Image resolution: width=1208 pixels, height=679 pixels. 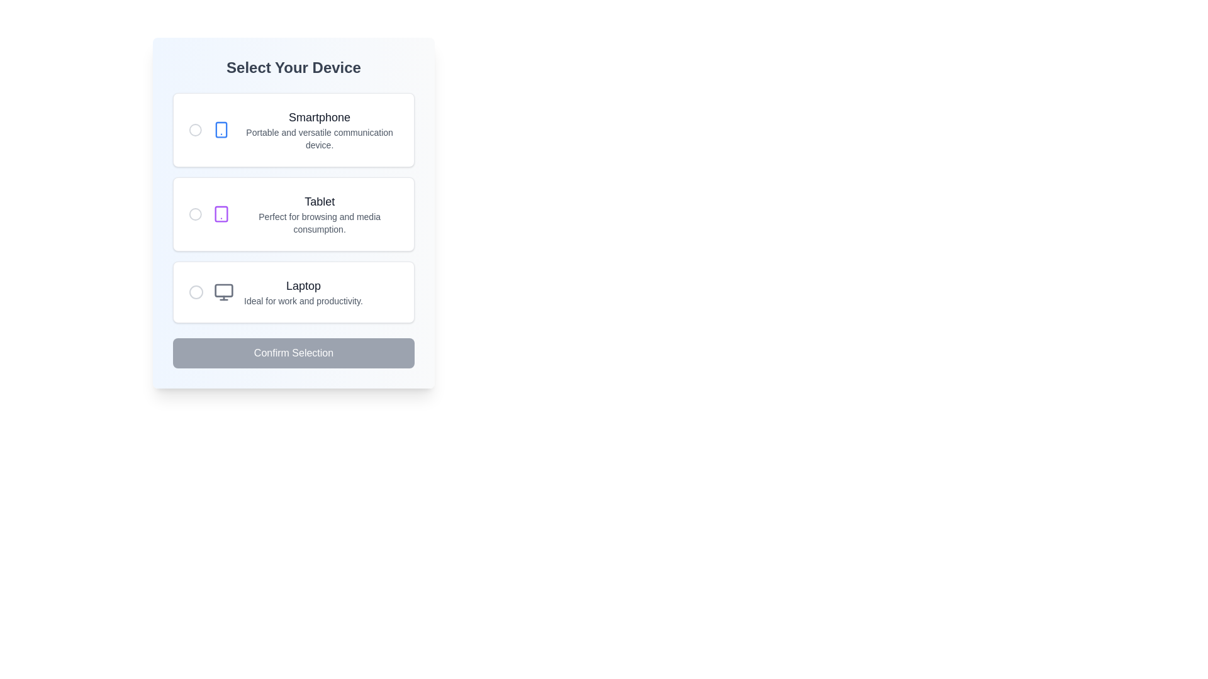 I want to click on the circular radio button indicator located in the third option group labeled 'Laptop', positioned at the left side of the text description, so click(x=196, y=292).